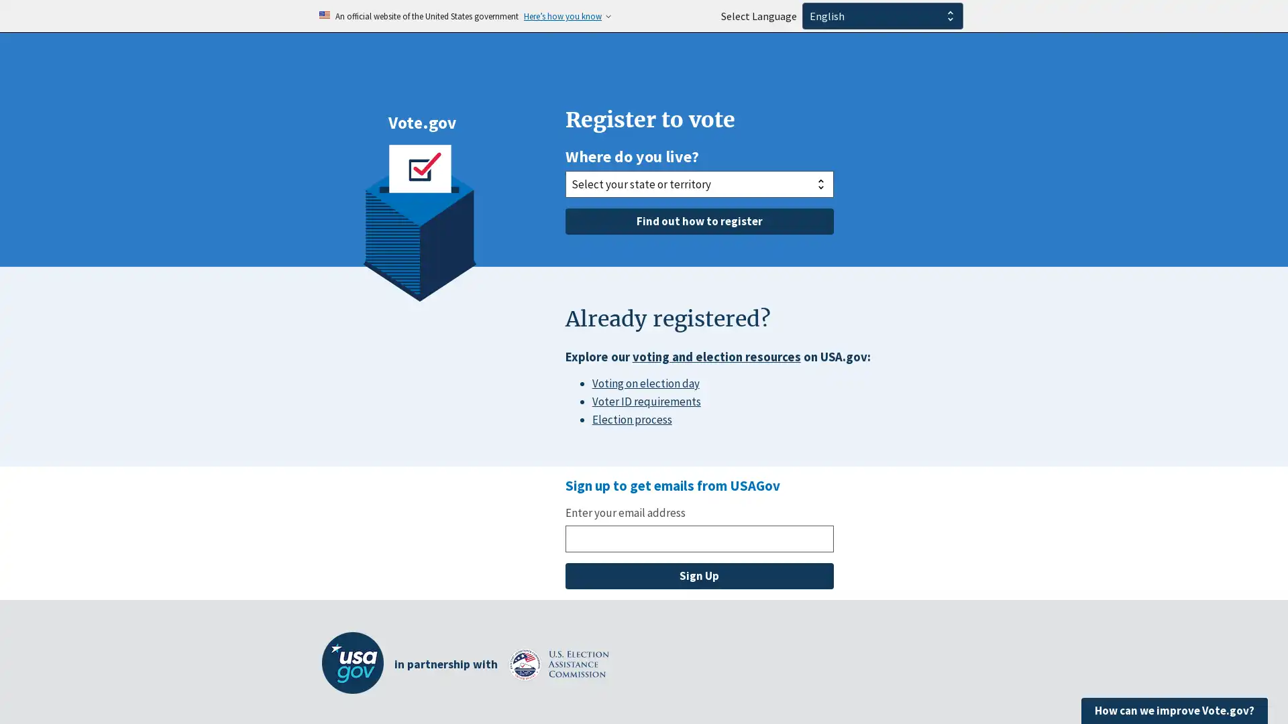 This screenshot has height=724, width=1288. What do you see at coordinates (698, 575) in the screenshot?
I see `Sign Up` at bounding box center [698, 575].